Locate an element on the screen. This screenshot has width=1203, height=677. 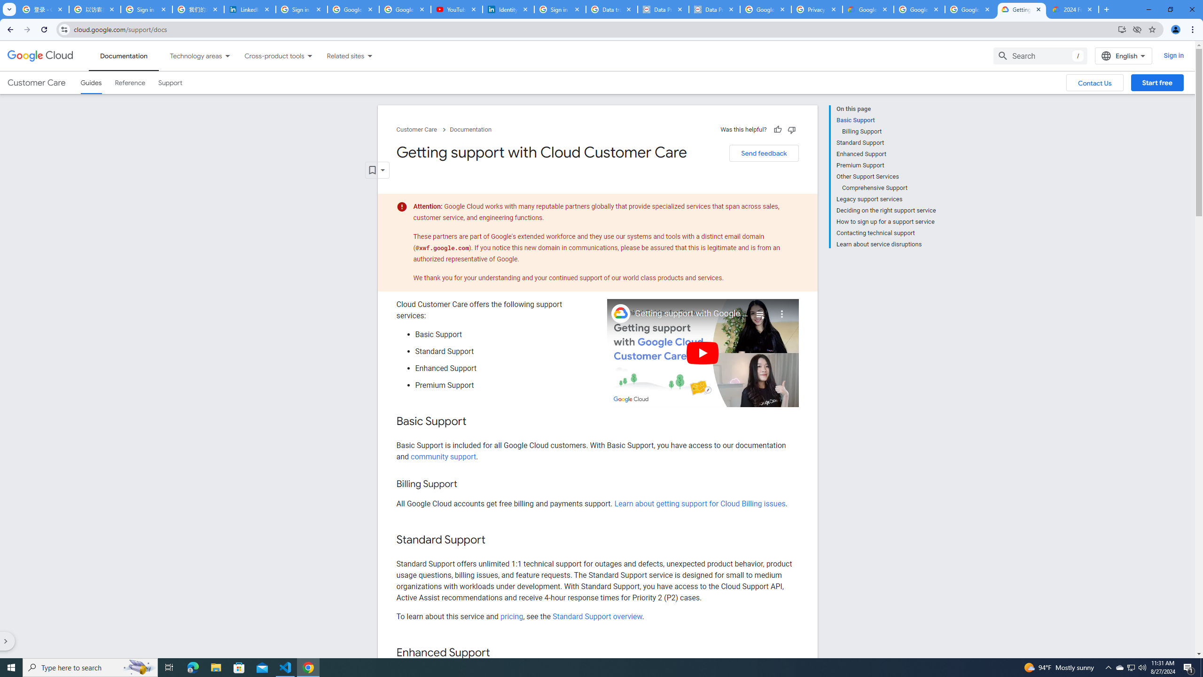
'Cross-product tools' is located at coordinates (268, 55).